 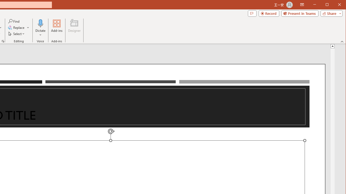 I want to click on 'Dictate', so click(x=40, y=28).